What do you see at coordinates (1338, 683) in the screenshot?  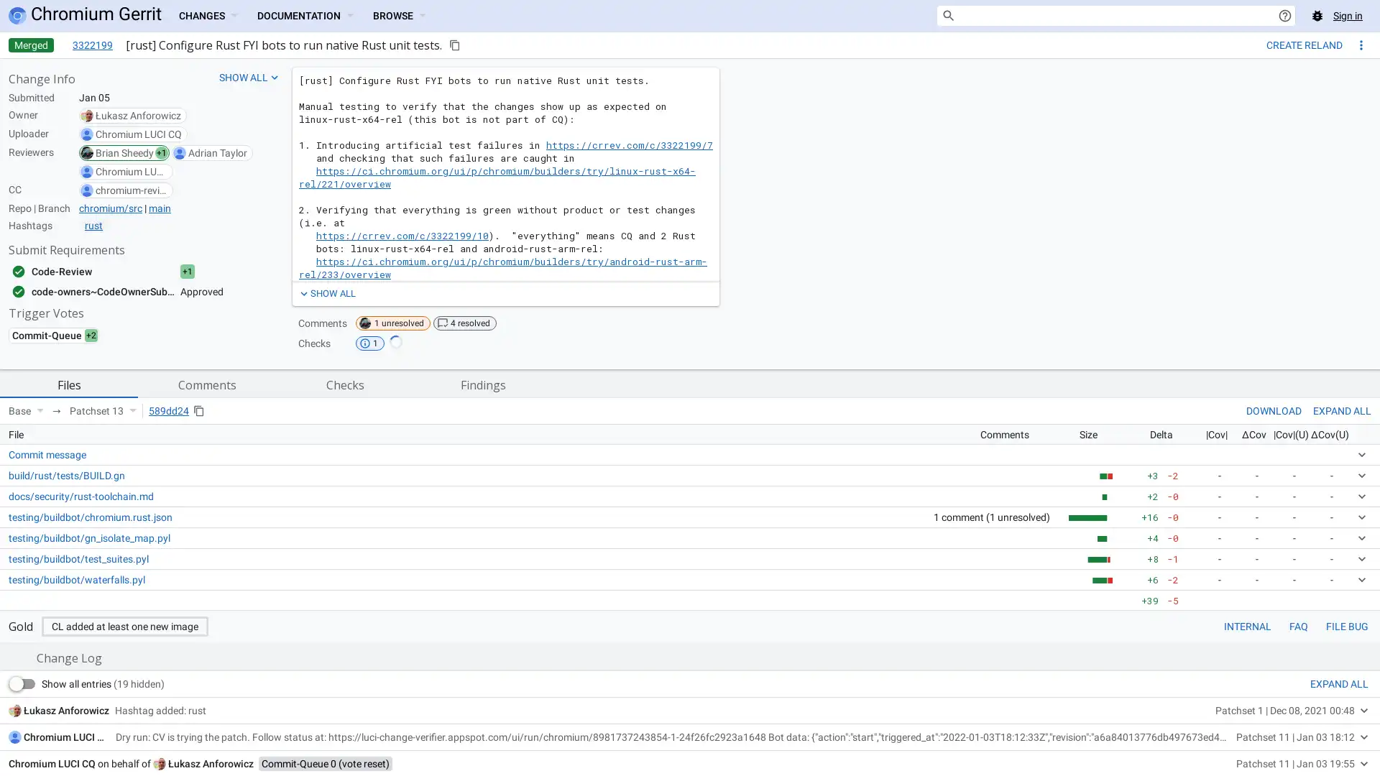 I see `EXPAND ALL` at bounding box center [1338, 683].